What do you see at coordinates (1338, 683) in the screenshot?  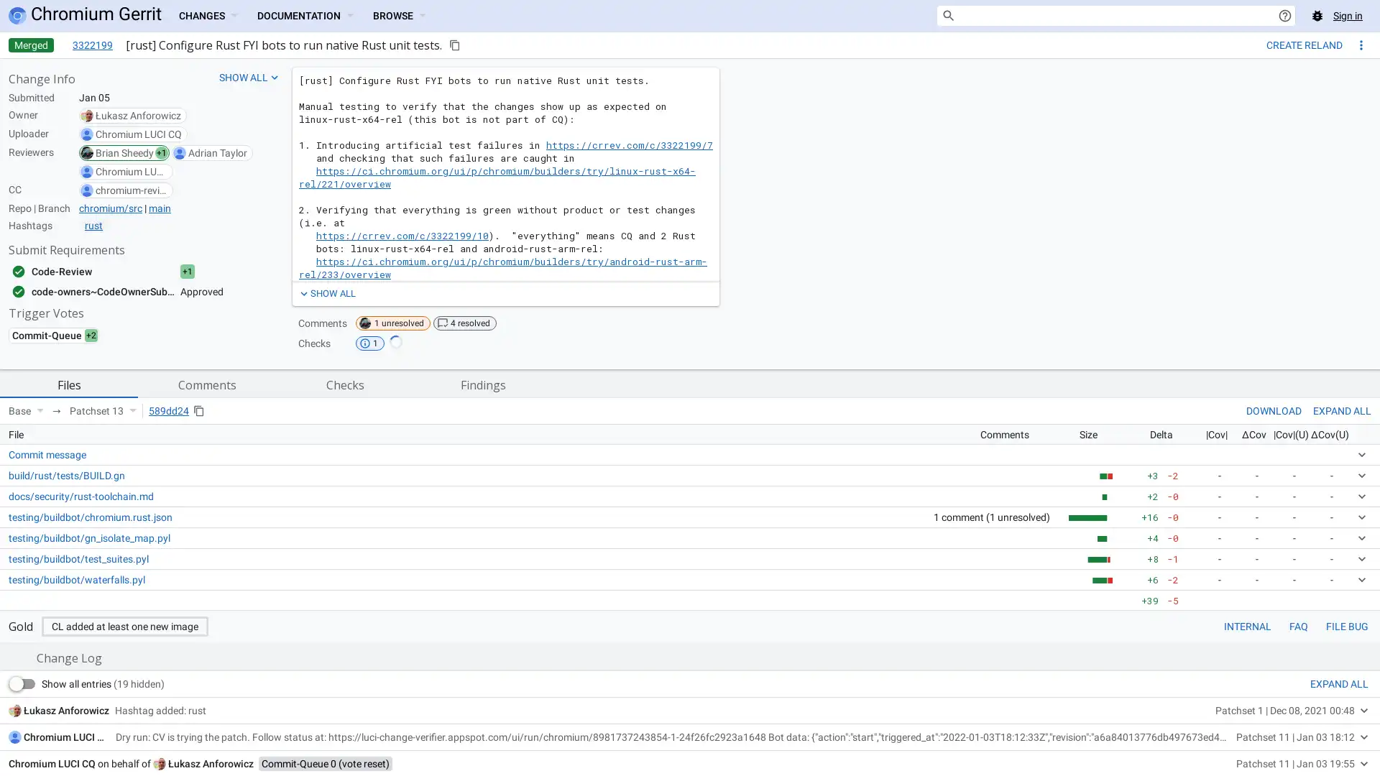 I see `EXPAND ALL` at bounding box center [1338, 683].